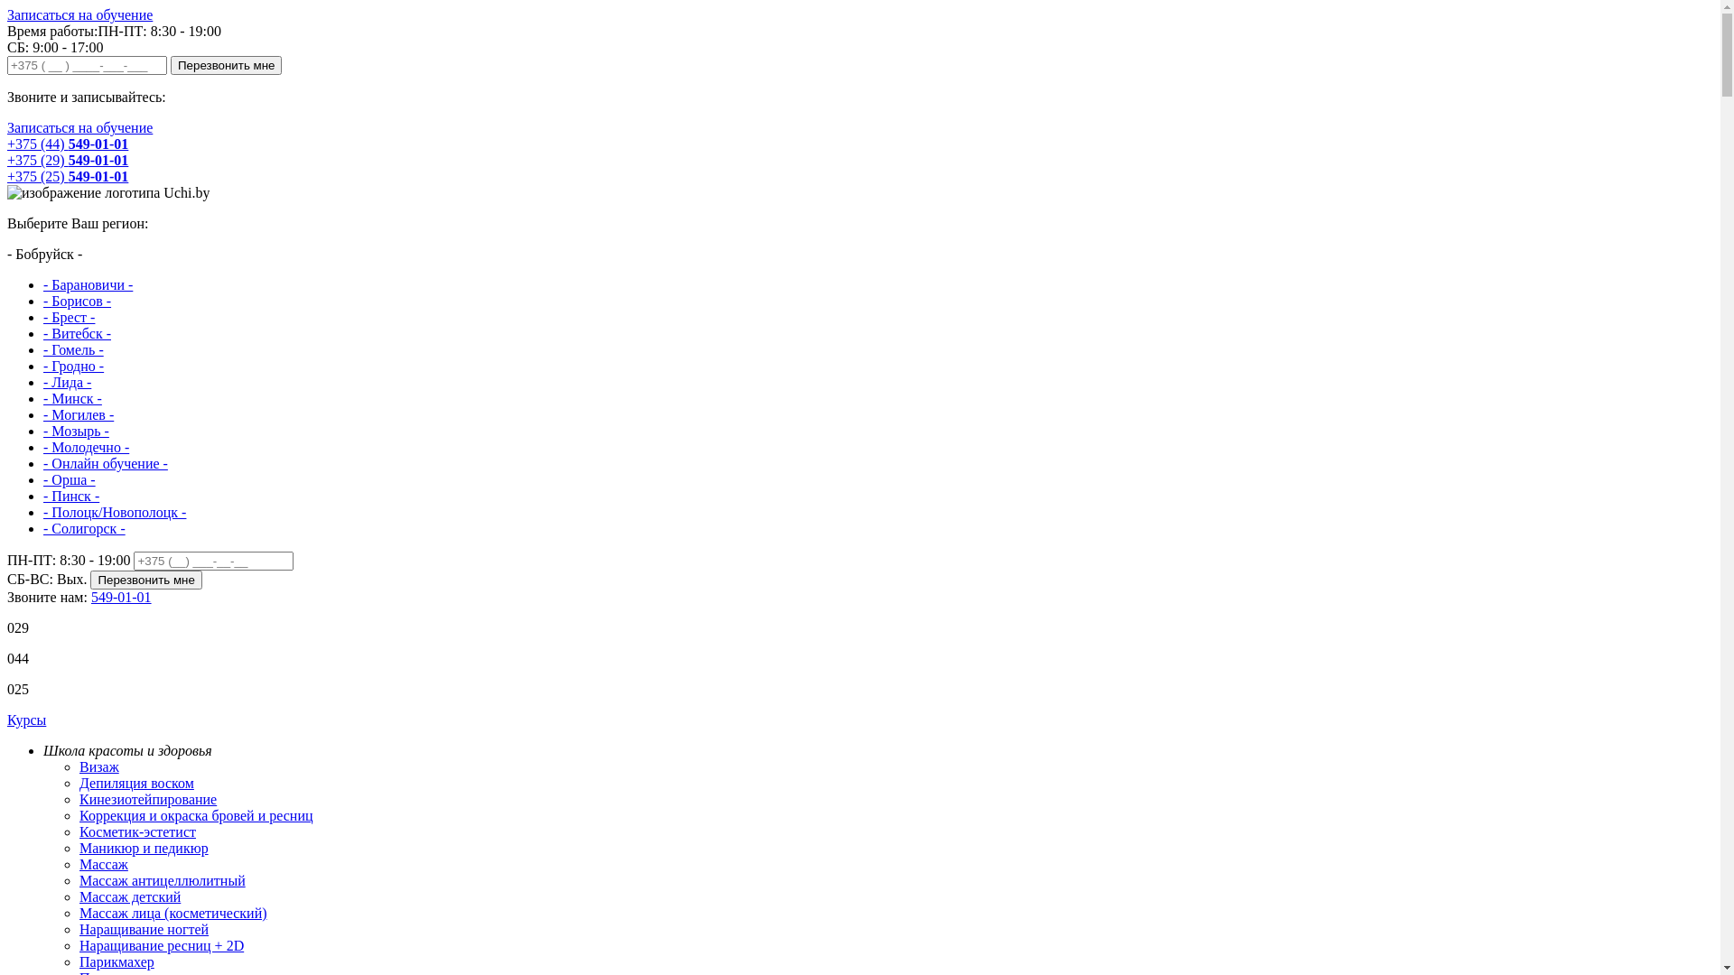 The height and width of the screenshot is (975, 1734). Describe the element at coordinates (68, 159) in the screenshot. I see `'+375 (29) 549-01-01'` at that location.